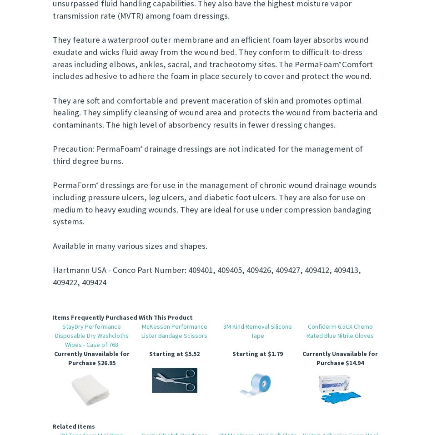 Image resolution: width=432 pixels, height=435 pixels. What do you see at coordinates (214, 203) in the screenshot?
I see `'dressings are for use in the management of chronic wound drainage wounds including pressure ulcers, leg ulcers, and diabetic foot ulcers. They are also for use on medium to heavy exuding wounds. They are ideal for use under compression bandaging systems.'` at bounding box center [214, 203].